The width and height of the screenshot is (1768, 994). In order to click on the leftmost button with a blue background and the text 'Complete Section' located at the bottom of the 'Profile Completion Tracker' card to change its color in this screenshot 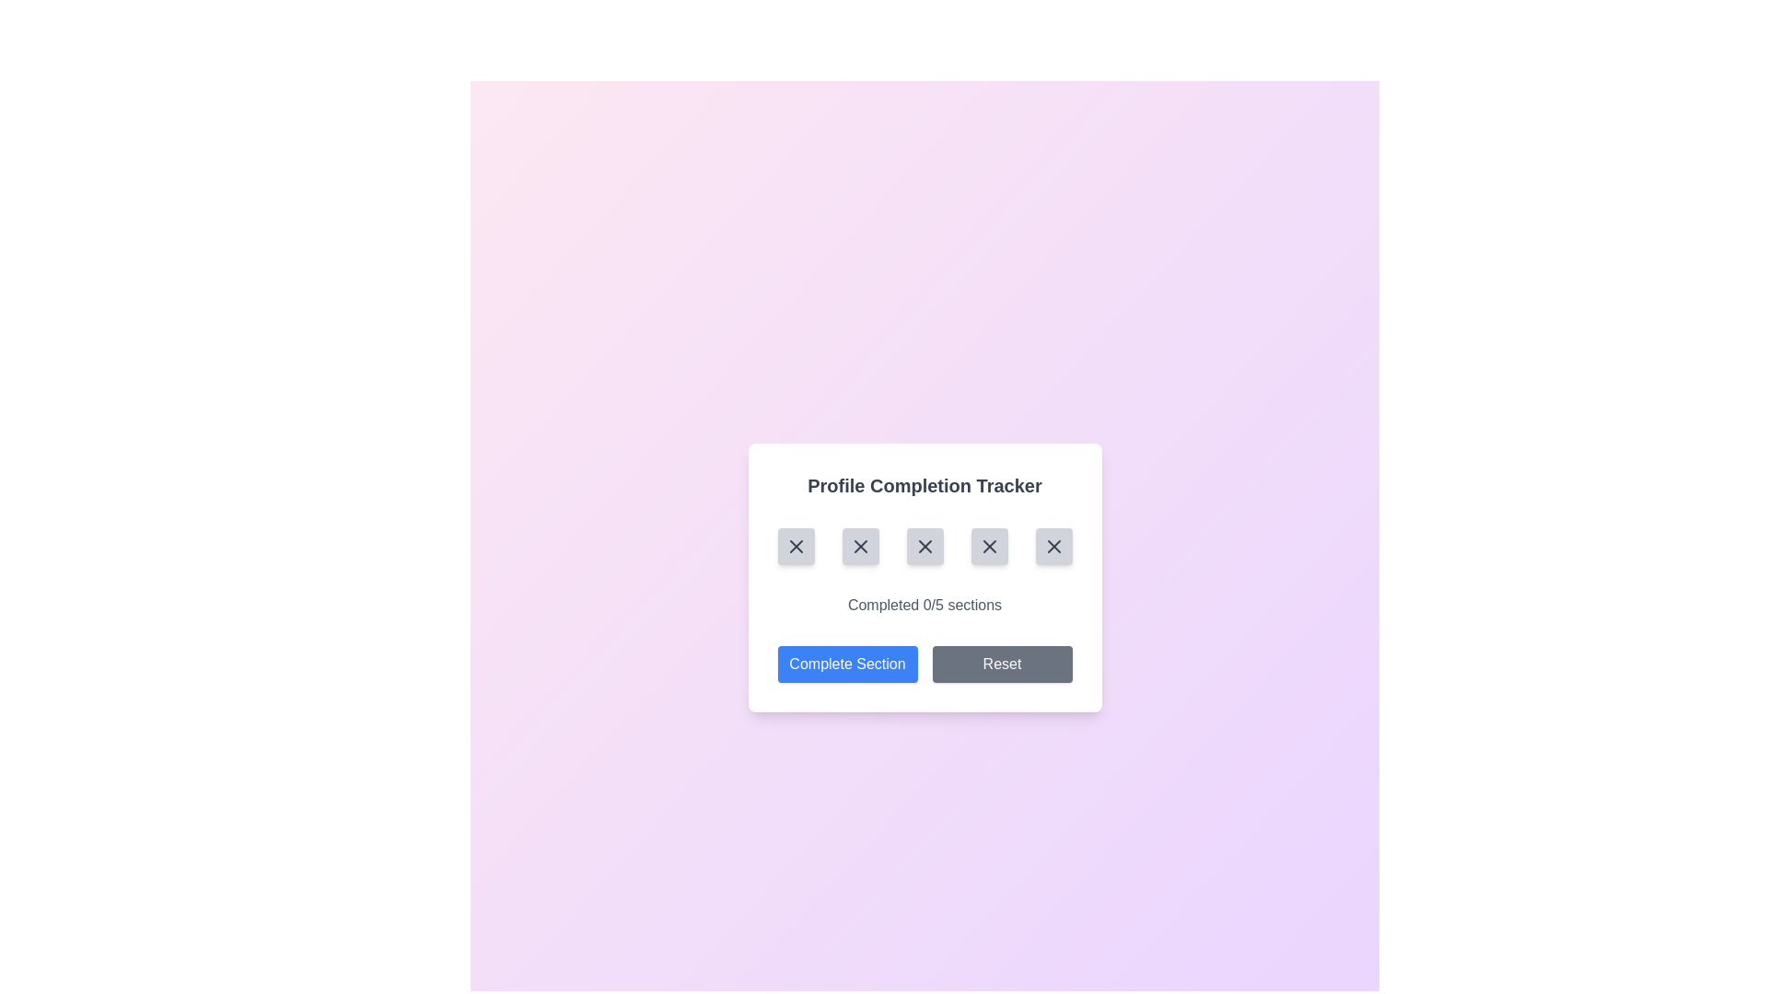, I will do `click(846, 664)`.